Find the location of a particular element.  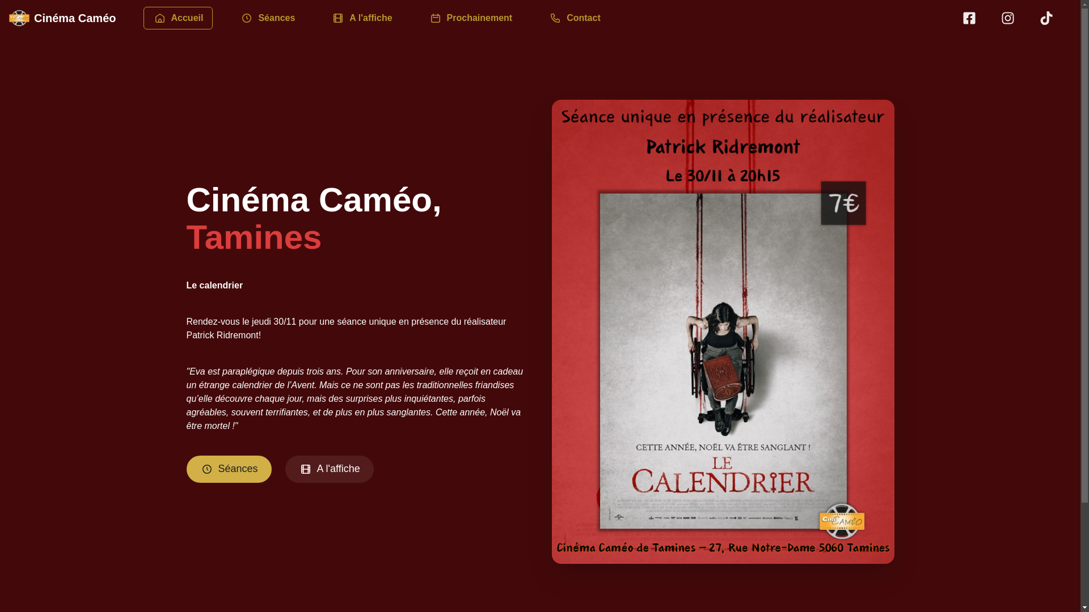

'Prochainement' is located at coordinates (471, 18).